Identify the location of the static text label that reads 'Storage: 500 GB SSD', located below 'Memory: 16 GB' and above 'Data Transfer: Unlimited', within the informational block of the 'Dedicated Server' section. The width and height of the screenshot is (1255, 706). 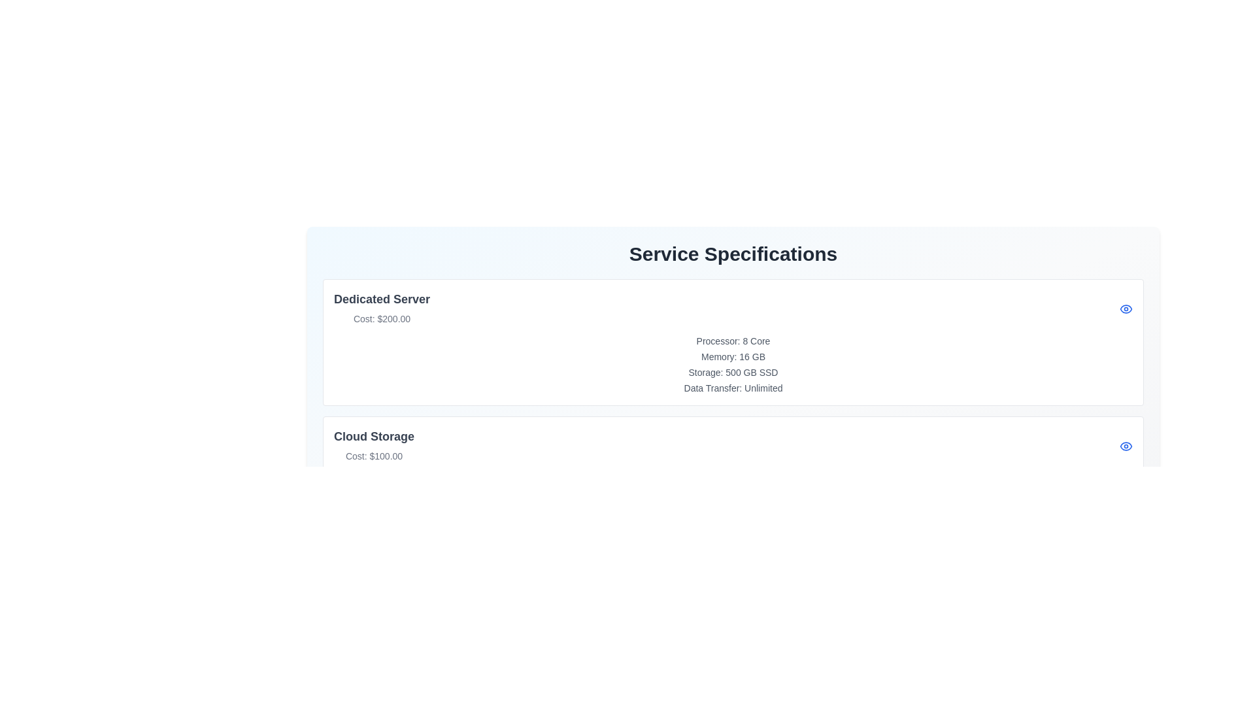
(733, 373).